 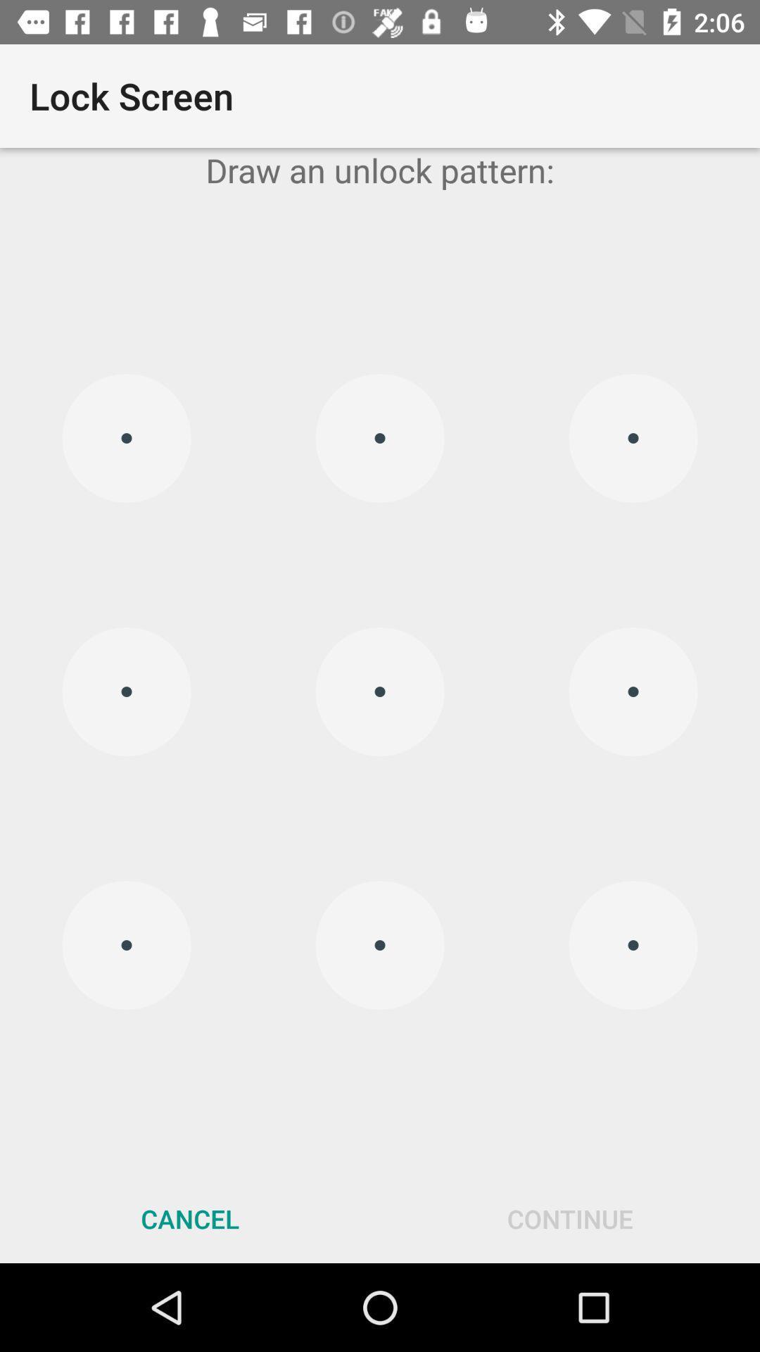 I want to click on cancel at the bottom left corner, so click(x=190, y=1218).